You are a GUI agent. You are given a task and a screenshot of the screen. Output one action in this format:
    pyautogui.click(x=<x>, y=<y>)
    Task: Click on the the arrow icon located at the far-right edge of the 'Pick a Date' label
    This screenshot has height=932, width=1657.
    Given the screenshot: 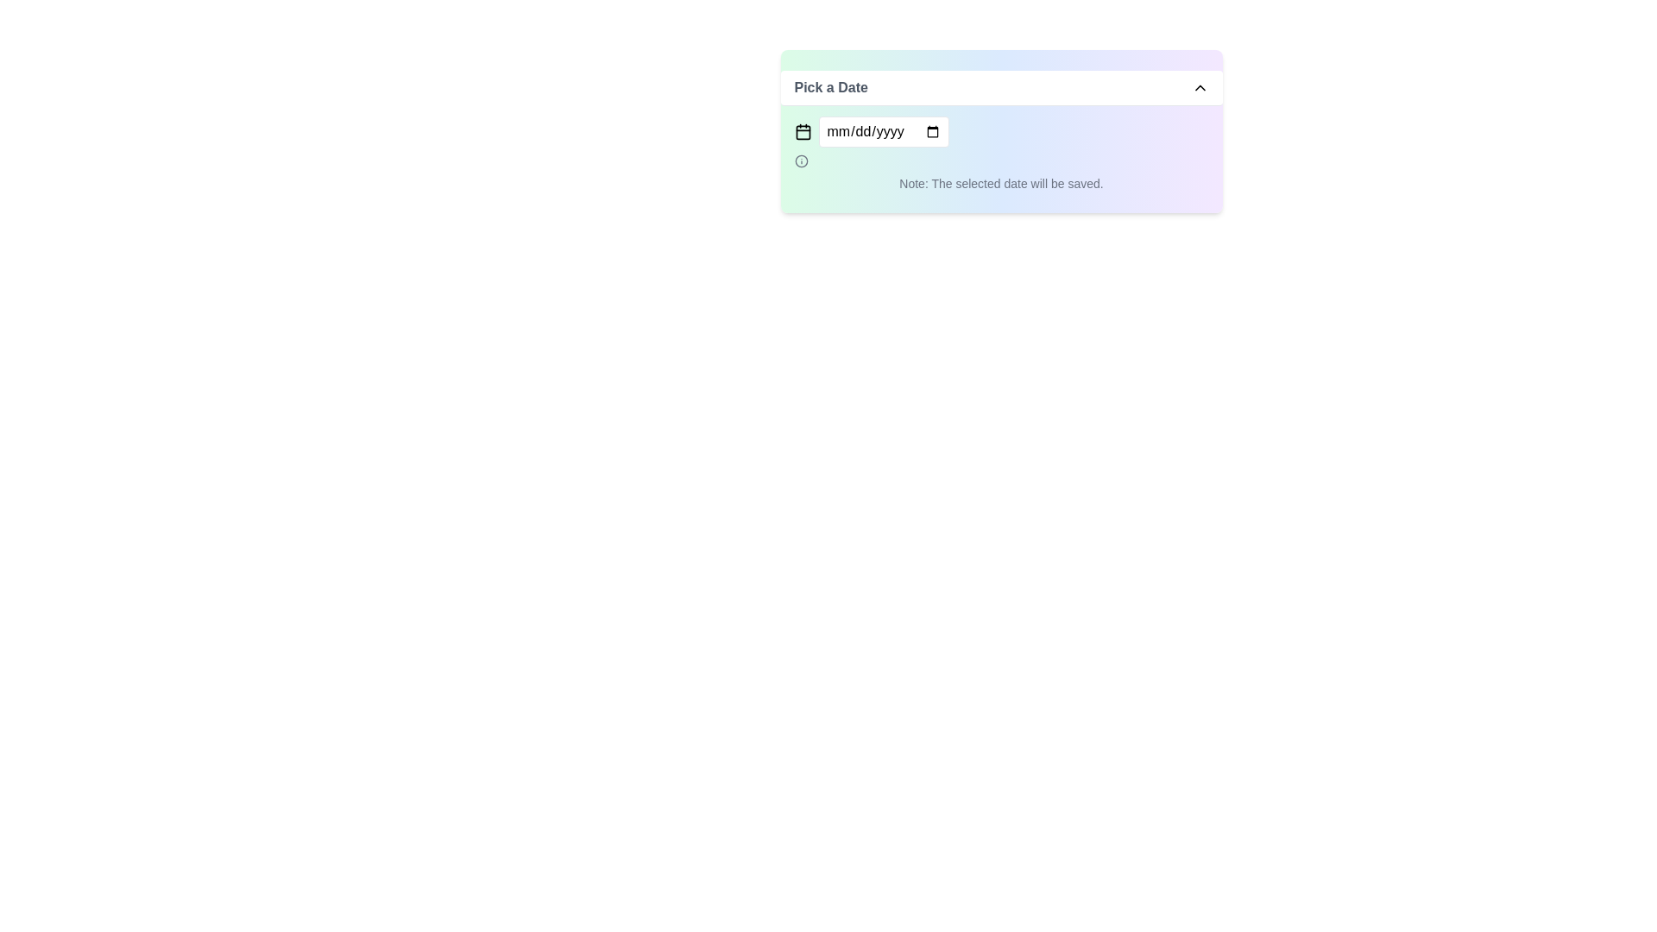 What is the action you would take?
    pyautogui.click(x=1199, y=87)
    